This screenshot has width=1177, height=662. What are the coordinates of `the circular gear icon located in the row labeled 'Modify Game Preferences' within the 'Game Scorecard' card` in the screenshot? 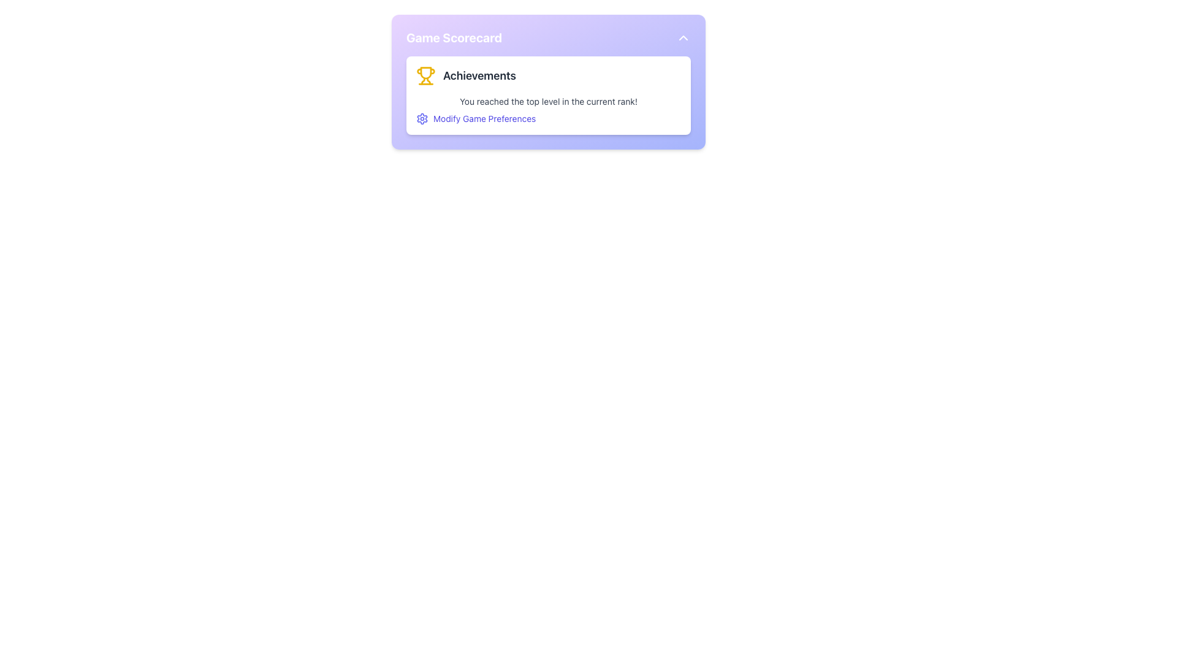 It's located at (422, 118).